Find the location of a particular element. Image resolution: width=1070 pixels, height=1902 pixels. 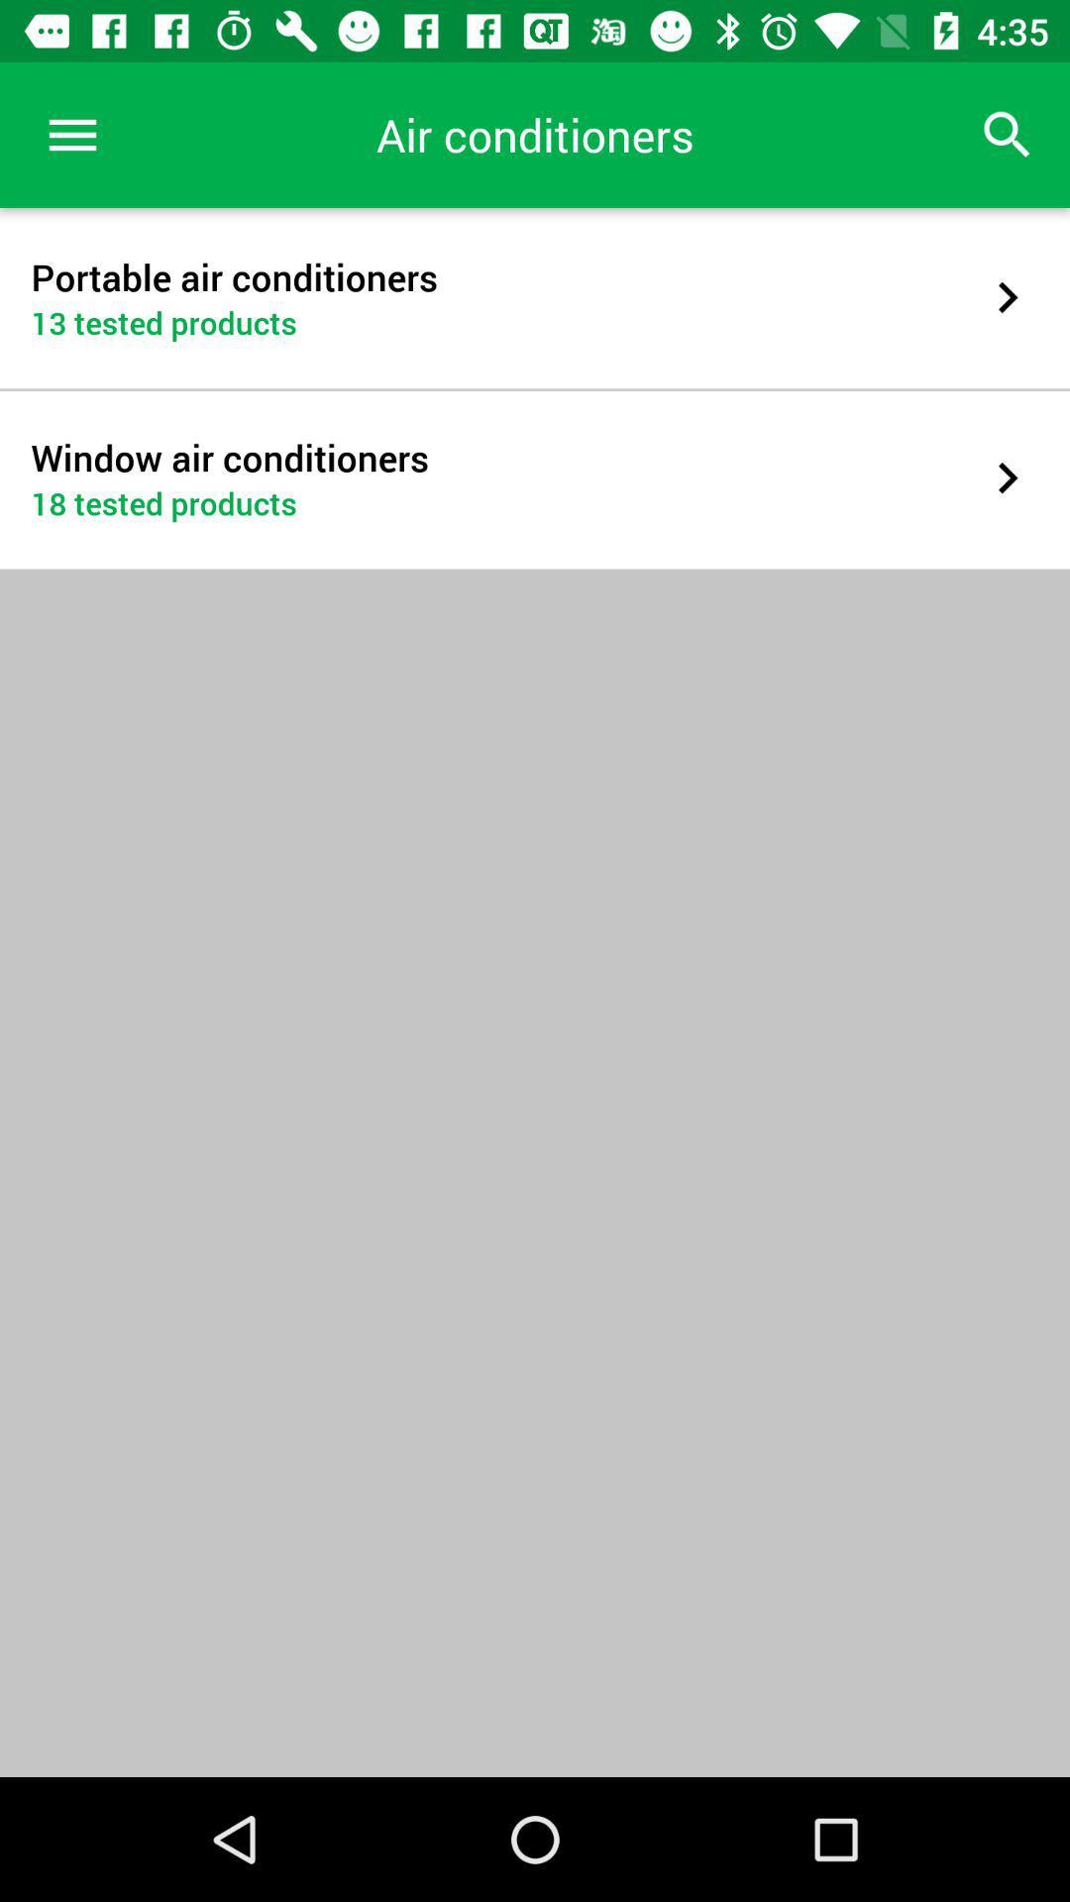

the icon next to the air conditioners item is located at coordinates (1008, 134).